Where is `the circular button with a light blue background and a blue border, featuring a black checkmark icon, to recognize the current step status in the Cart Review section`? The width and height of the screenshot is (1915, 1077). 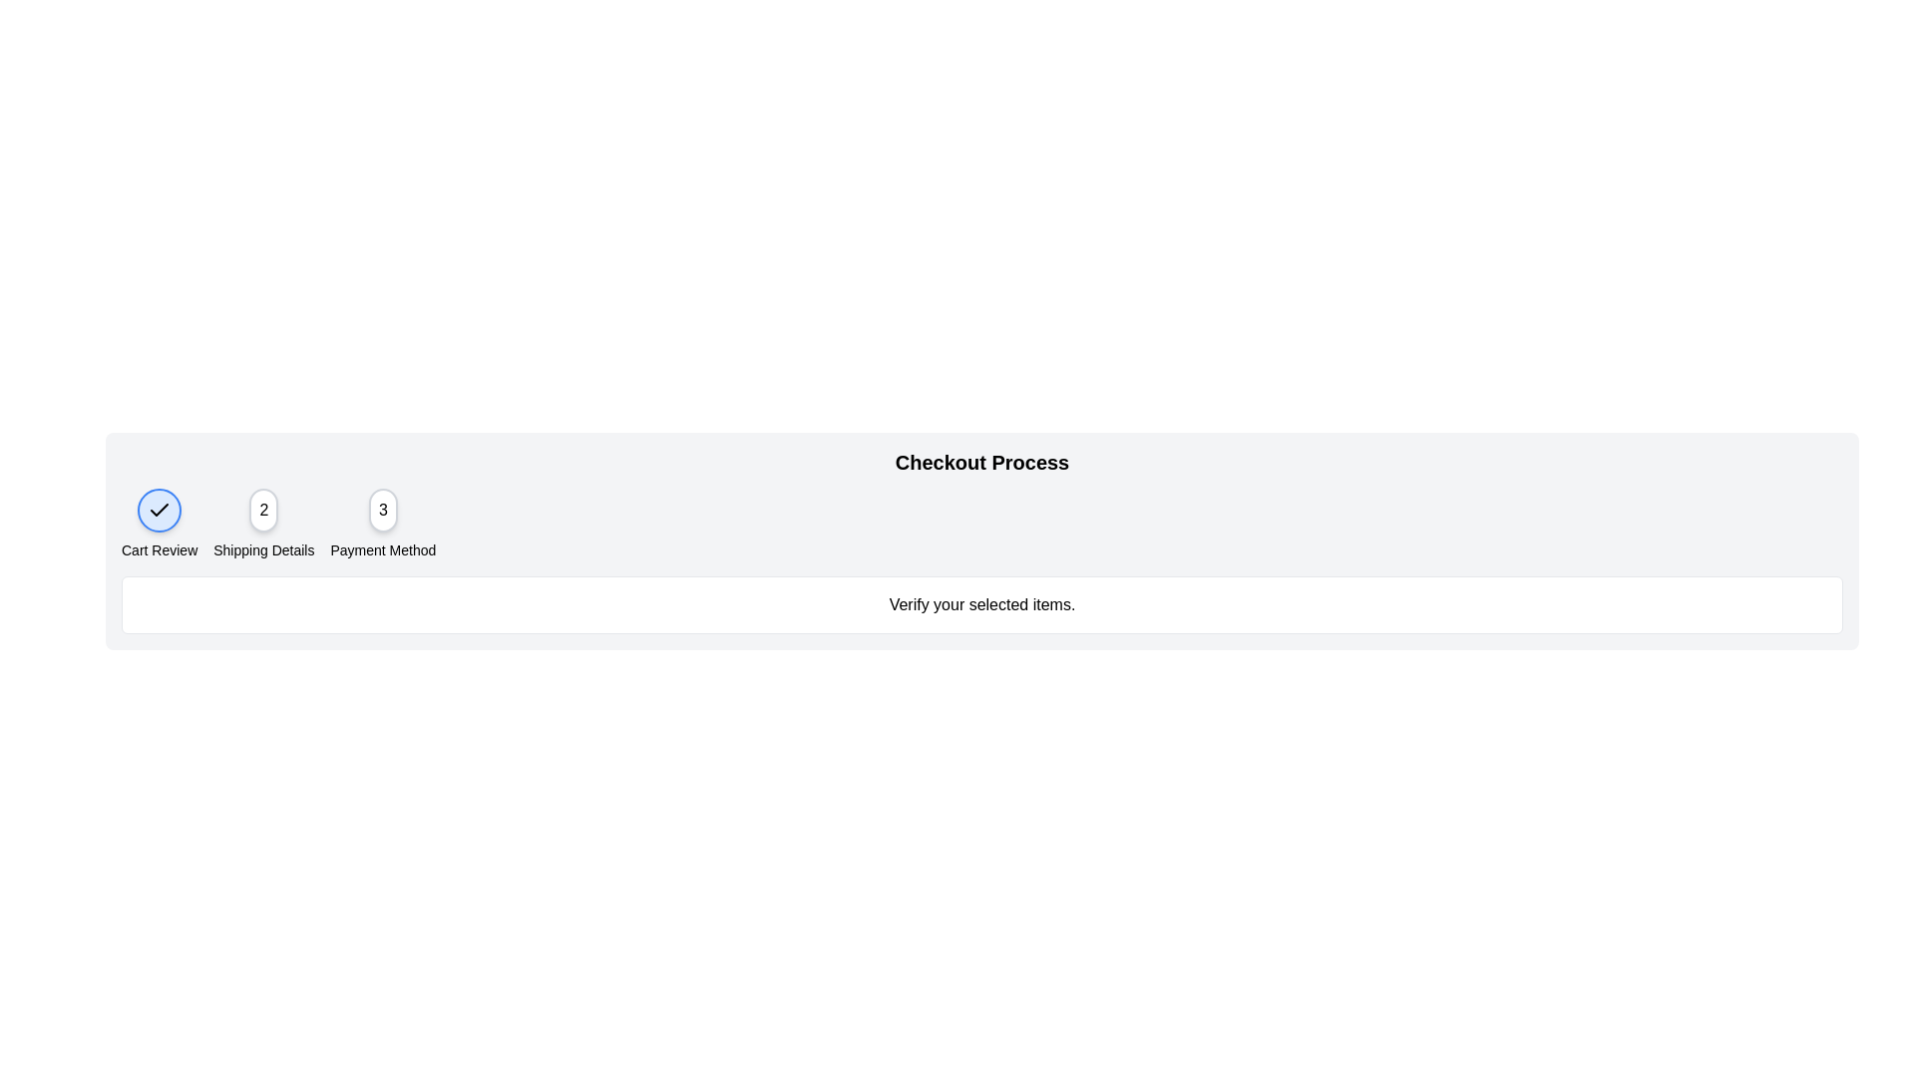
the circular button with a light blue background and a blue border, featuring a black checkmark icon, to recognize the current step status in the Cart Review section is located at coordinates (160, 510).